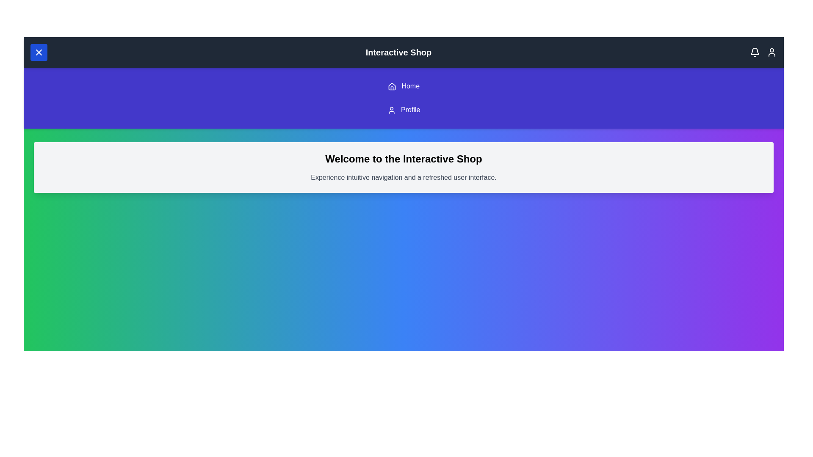  What do you see at coordinates (403, 86) in the screenshot?
I see `the 'Home' link in the menu` at bounding box center [403, 86].